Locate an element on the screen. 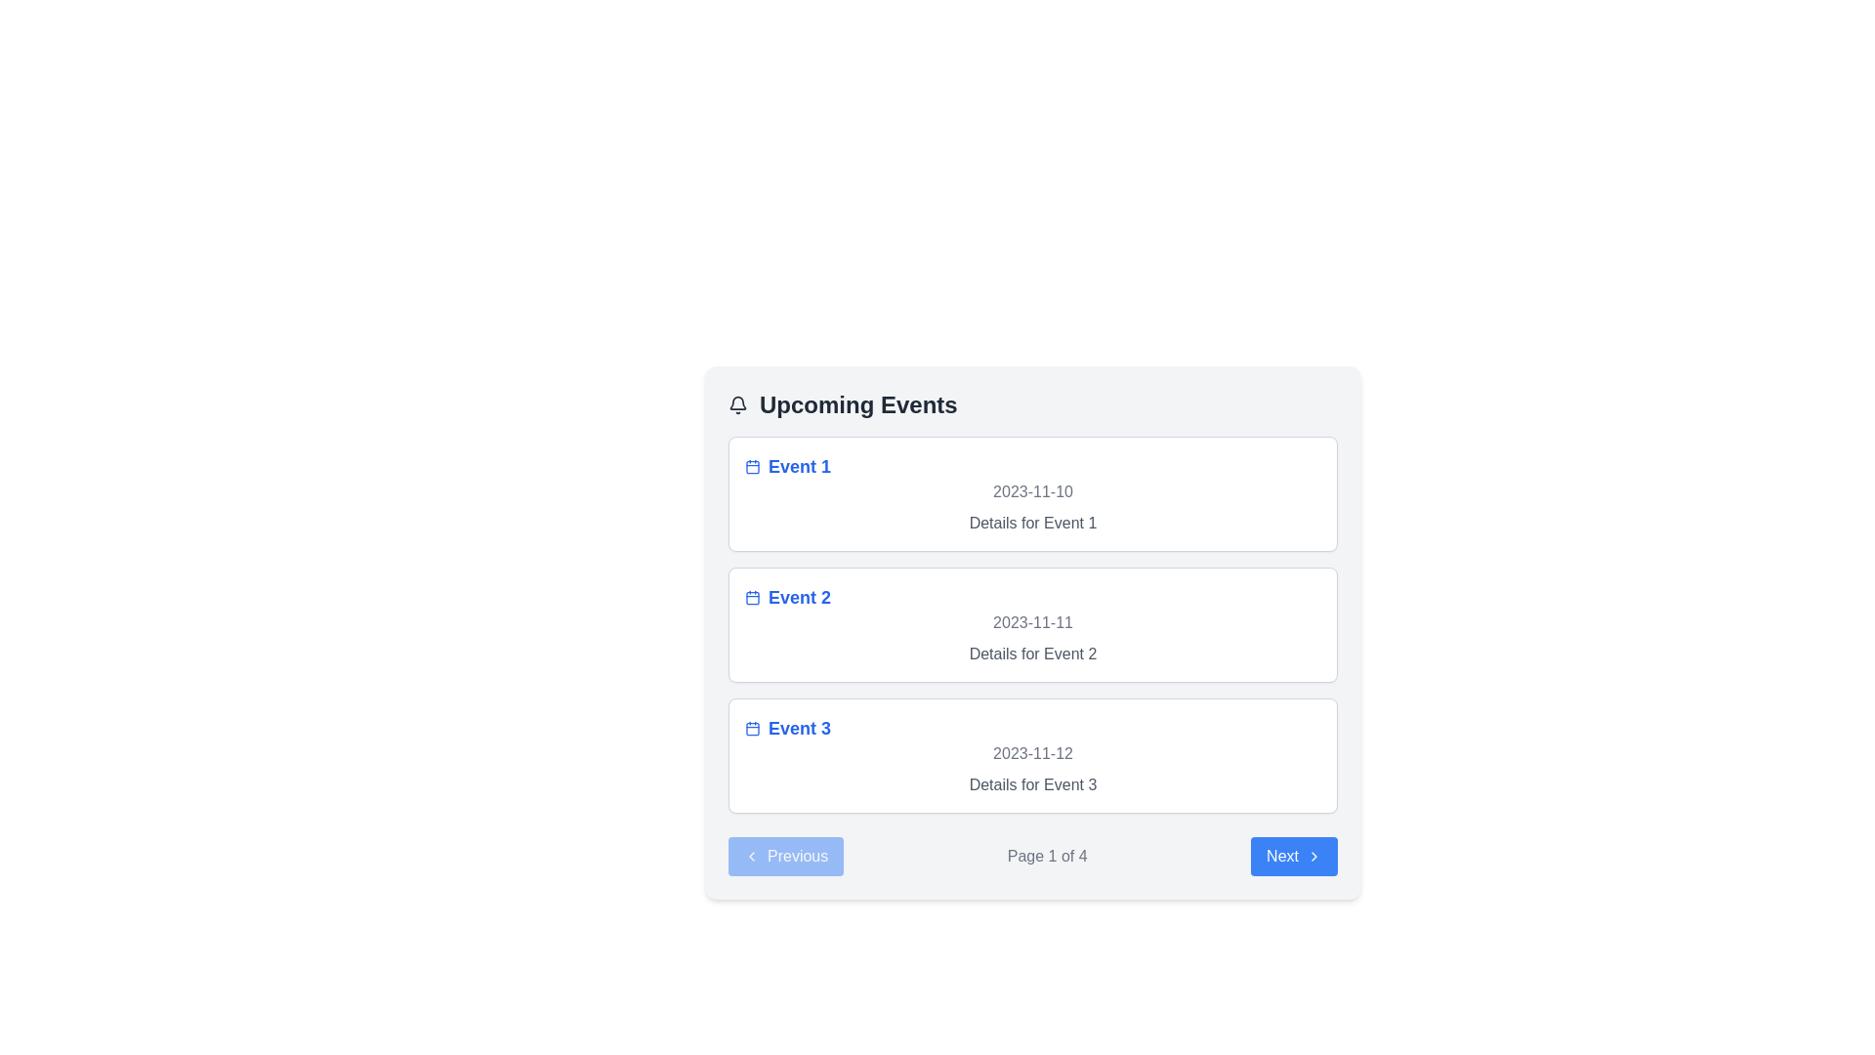  the text label providing information about 'Event 1', positioned below the event date '2023-11-10' in the first event card of the 'Upcoming Events' list is located at coordinates (1031, 523).